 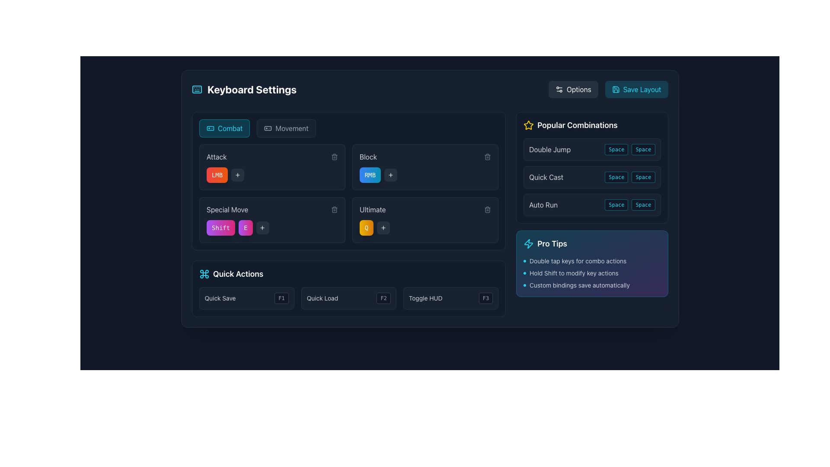 What do you see at coordinates (616, 176) in the screenshot?
I see `the text label styled with rounded corners that displays 'Space' in a mono-spaced font, located in the 'Popular Combinations' section within the 'Quick Cast' row` at bounding box center [616, 176].